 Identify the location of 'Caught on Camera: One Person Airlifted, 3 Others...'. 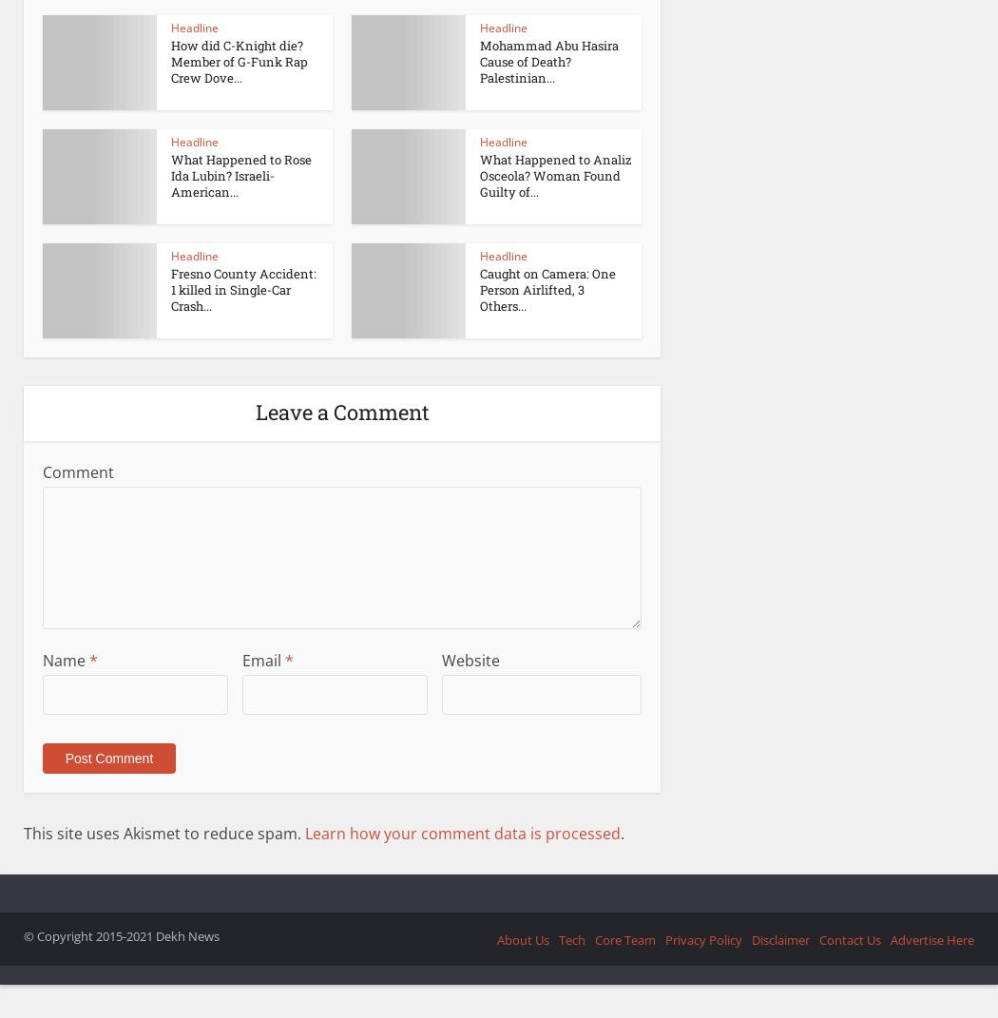
(479, 290).